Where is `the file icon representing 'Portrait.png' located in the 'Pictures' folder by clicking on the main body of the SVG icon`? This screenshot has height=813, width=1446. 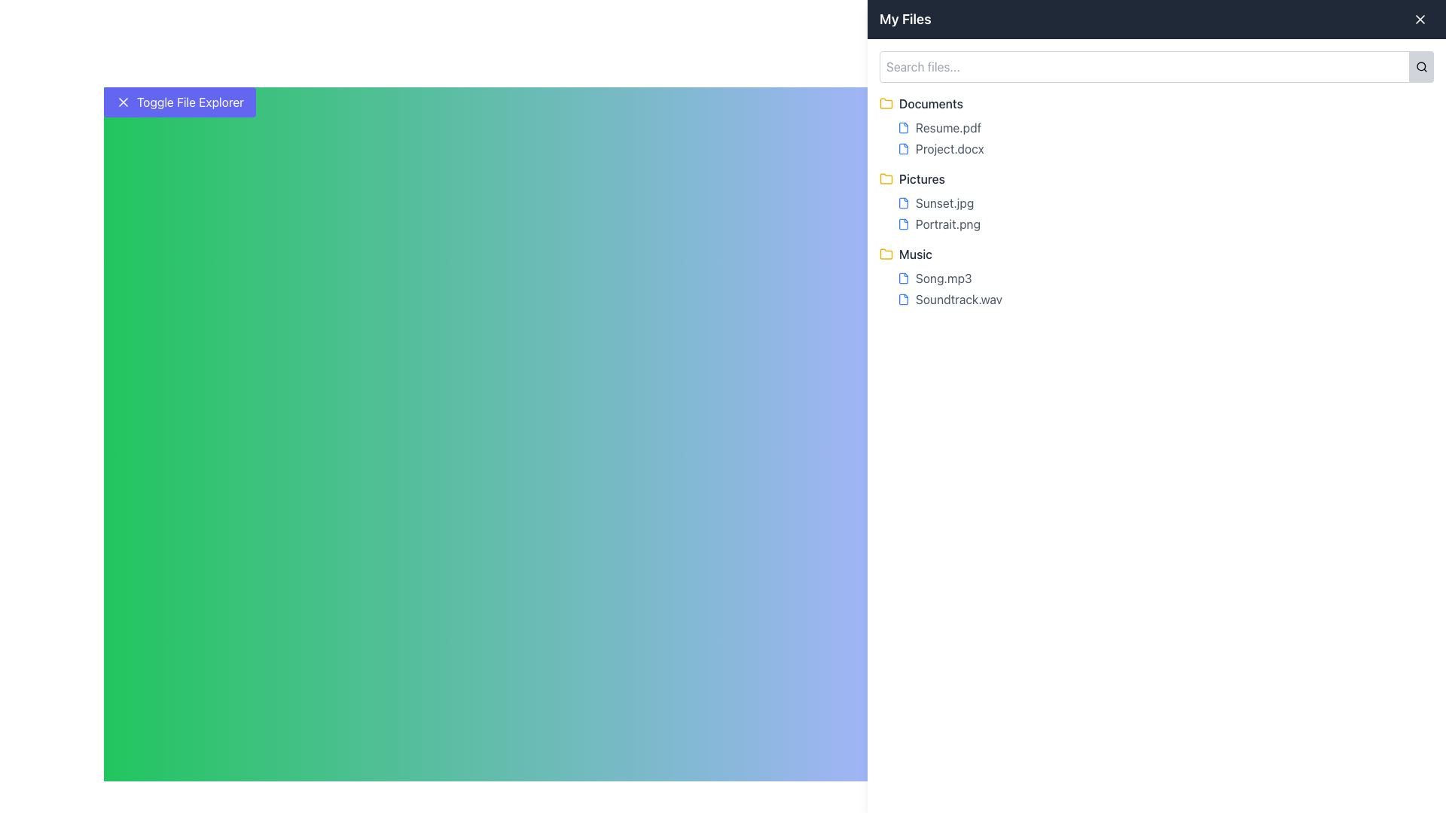
the file icon representing 'Portrait.png' located in the 'Pictures' folder by clicking on the main body of the SVG icon is located at coordinates (904, 224).